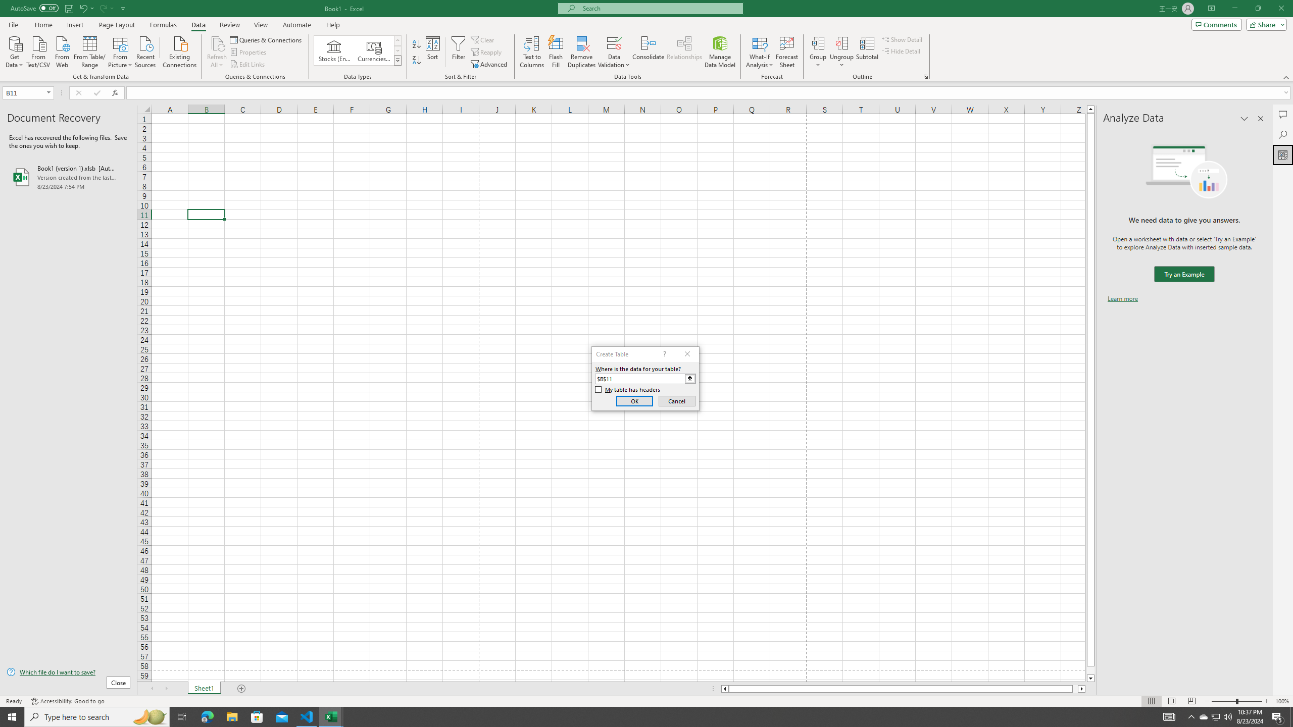  I want to click on 'Sort Z to A', so click(416, 60).